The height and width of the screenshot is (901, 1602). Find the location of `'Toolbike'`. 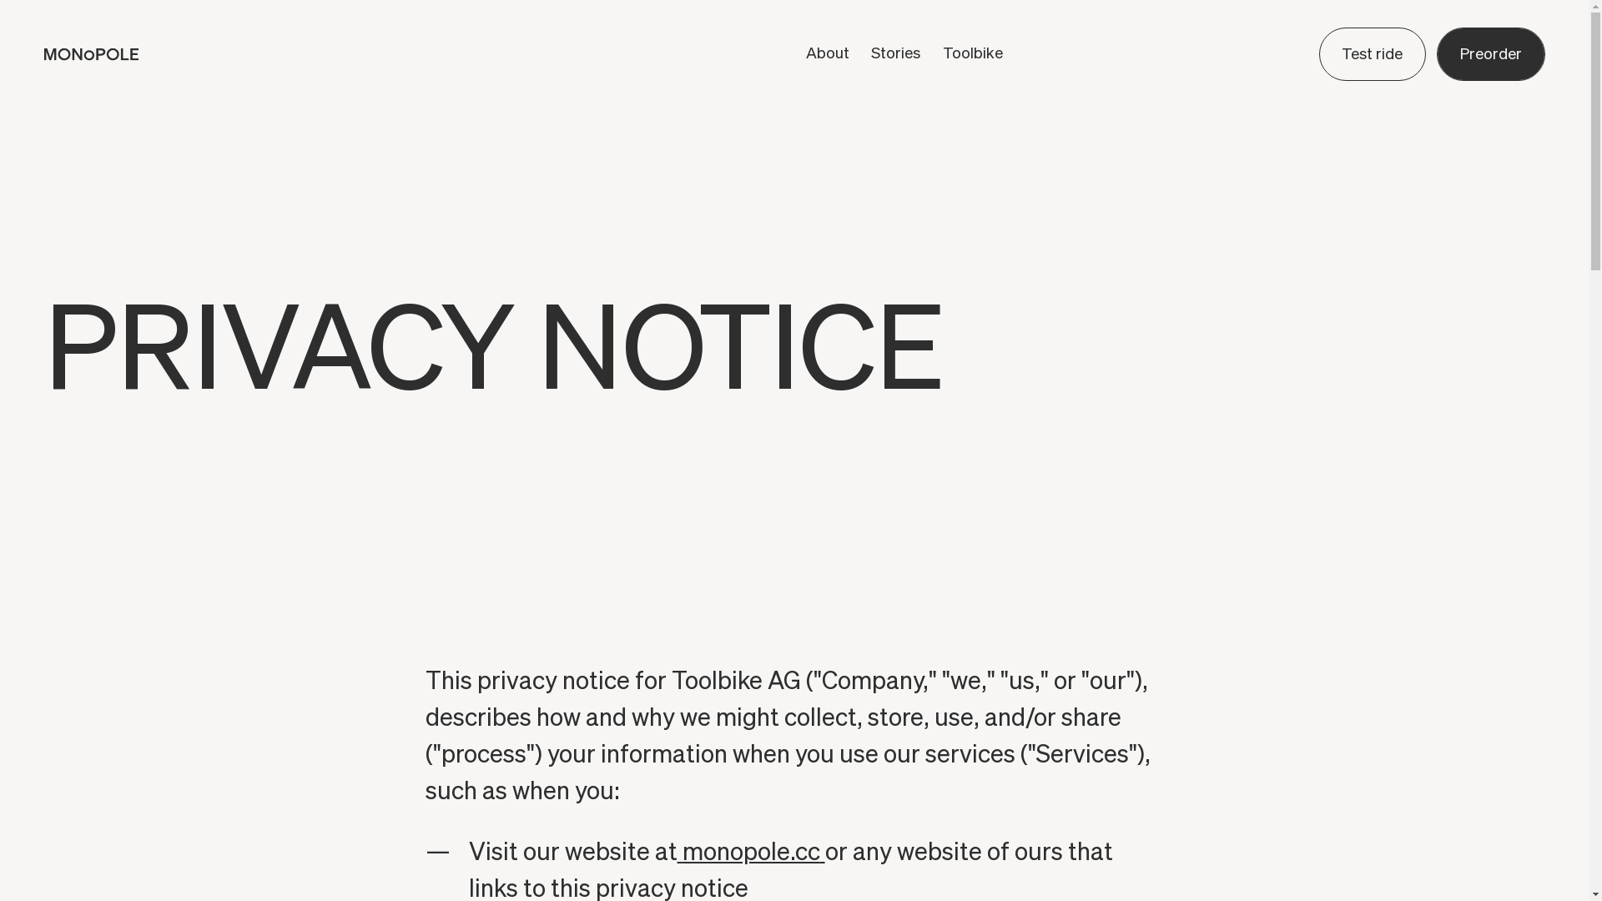

'Toolbike' is located at coordinates (973, 53).